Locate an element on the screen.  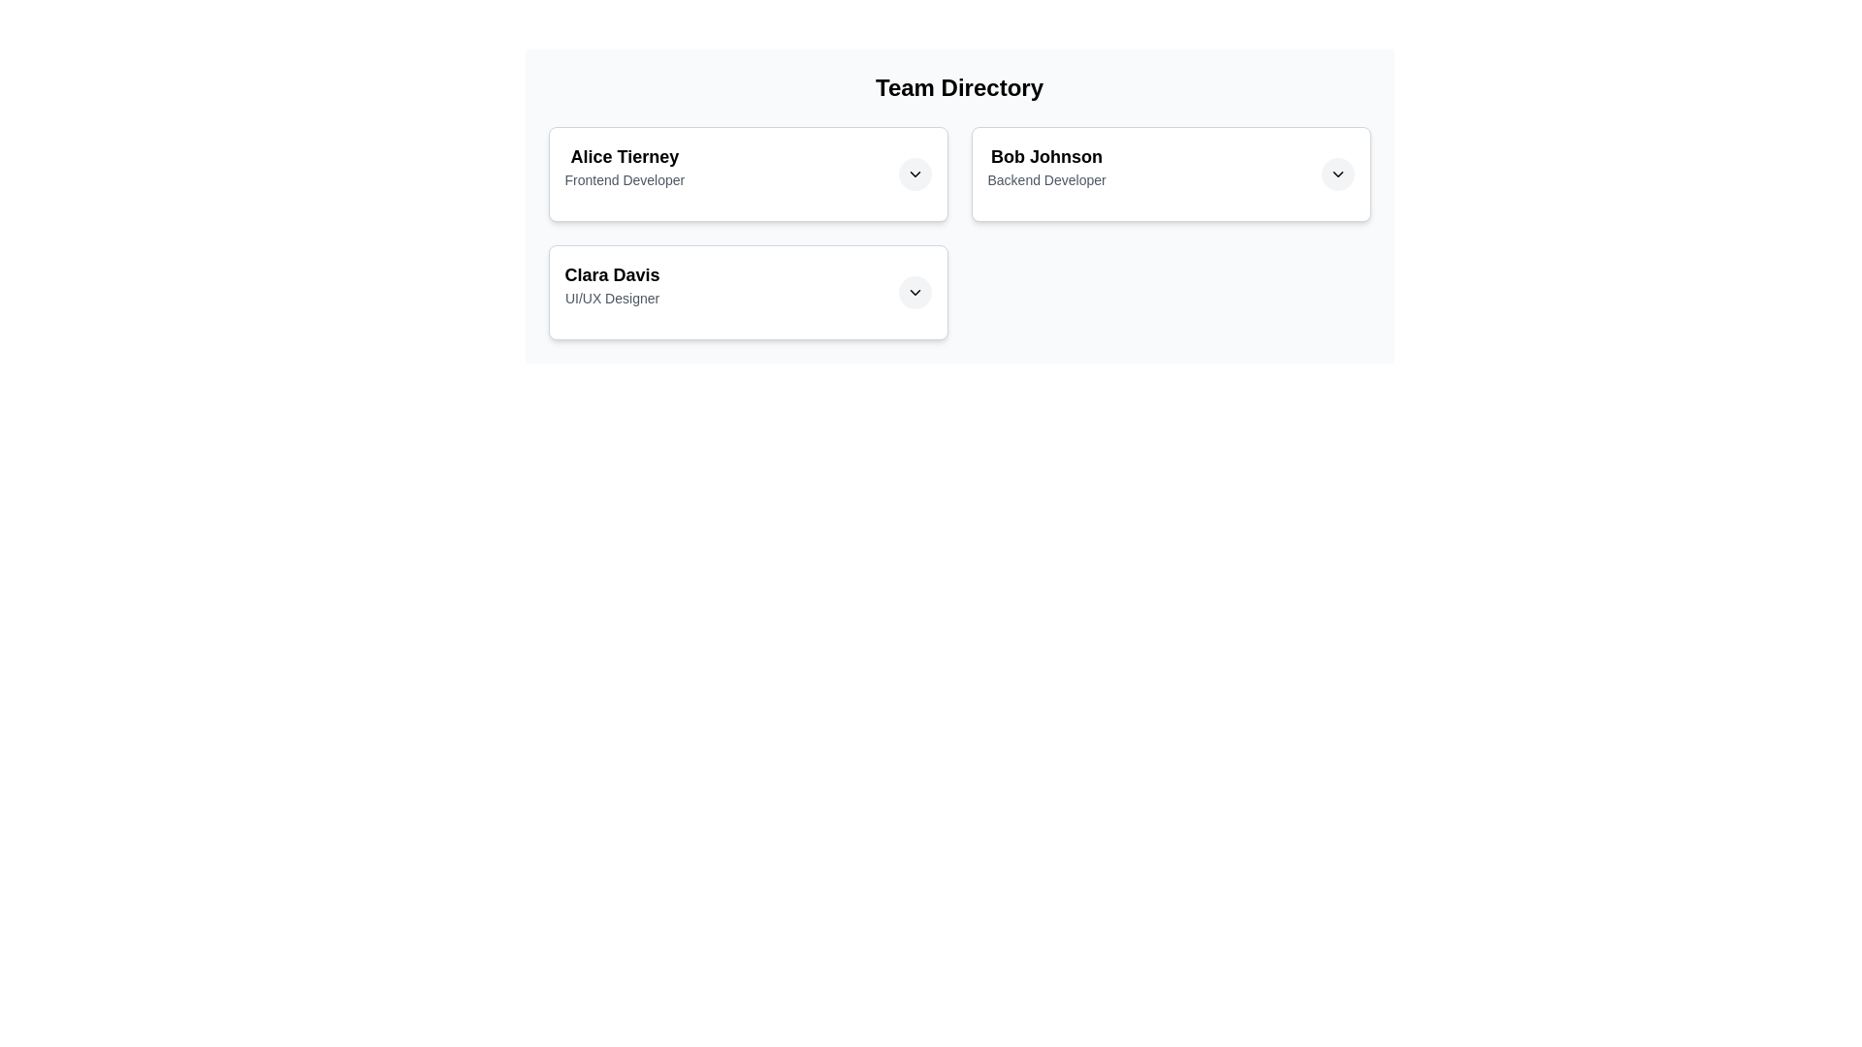
the button located in the bottom right corner of the card associated with 'Clara Davis' is located at coordinates (914, 292).